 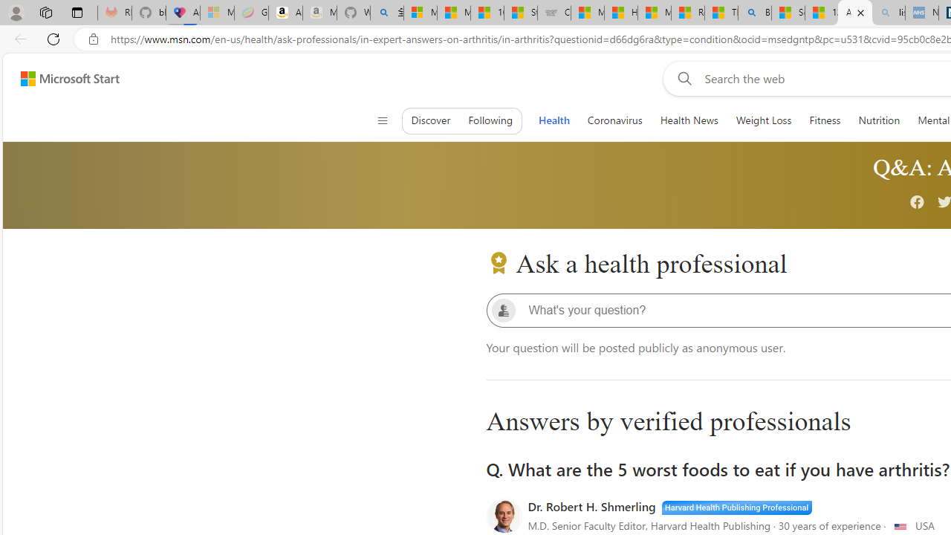 I want to click on 'Health News', so click(x=688, y=120).